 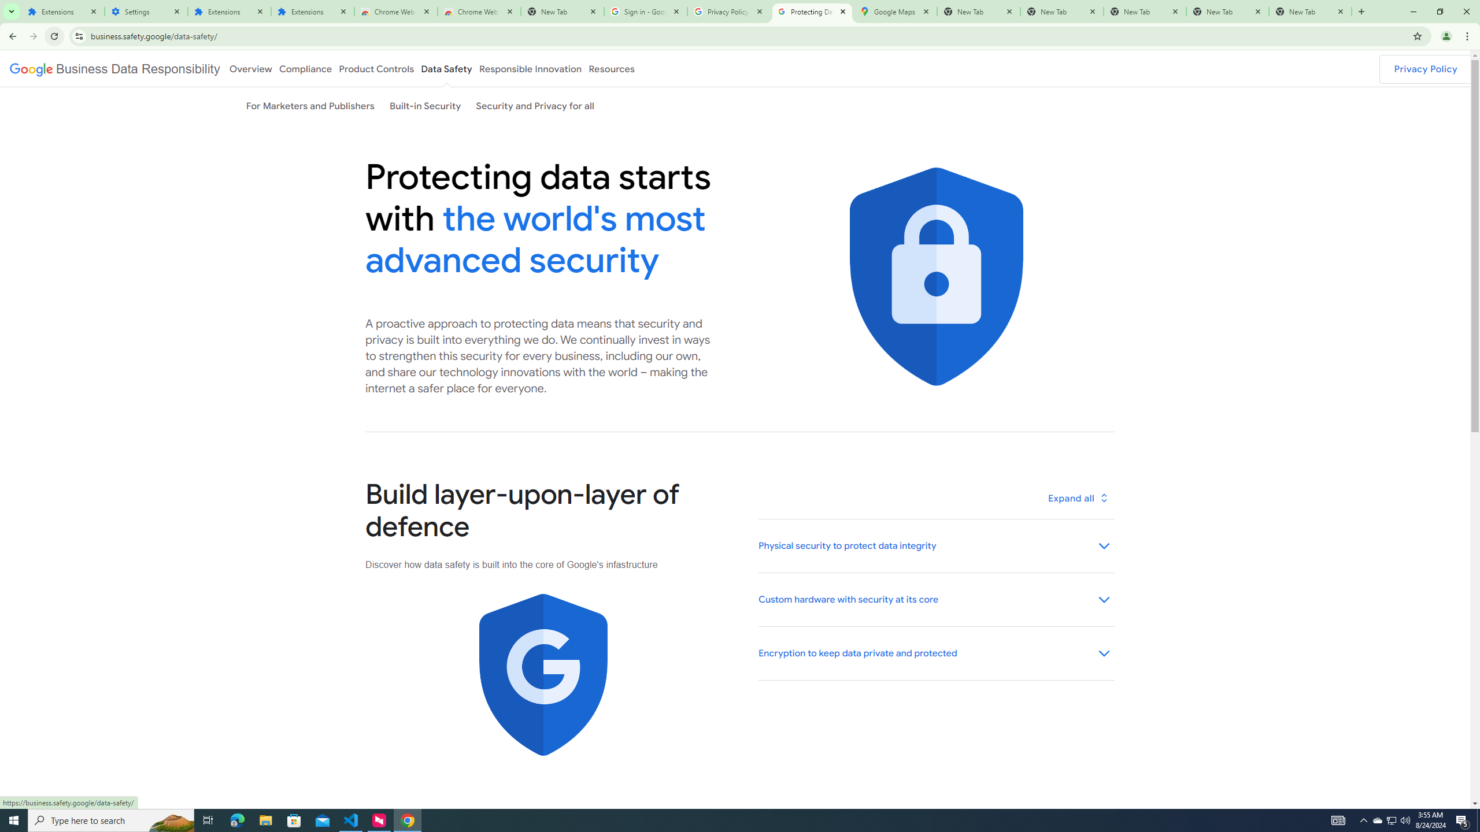 What do you see at coordinates (478, 11) in the screenshot?
I see `'Chrome Web Store - Themes'` at bounding box center [478, 11].